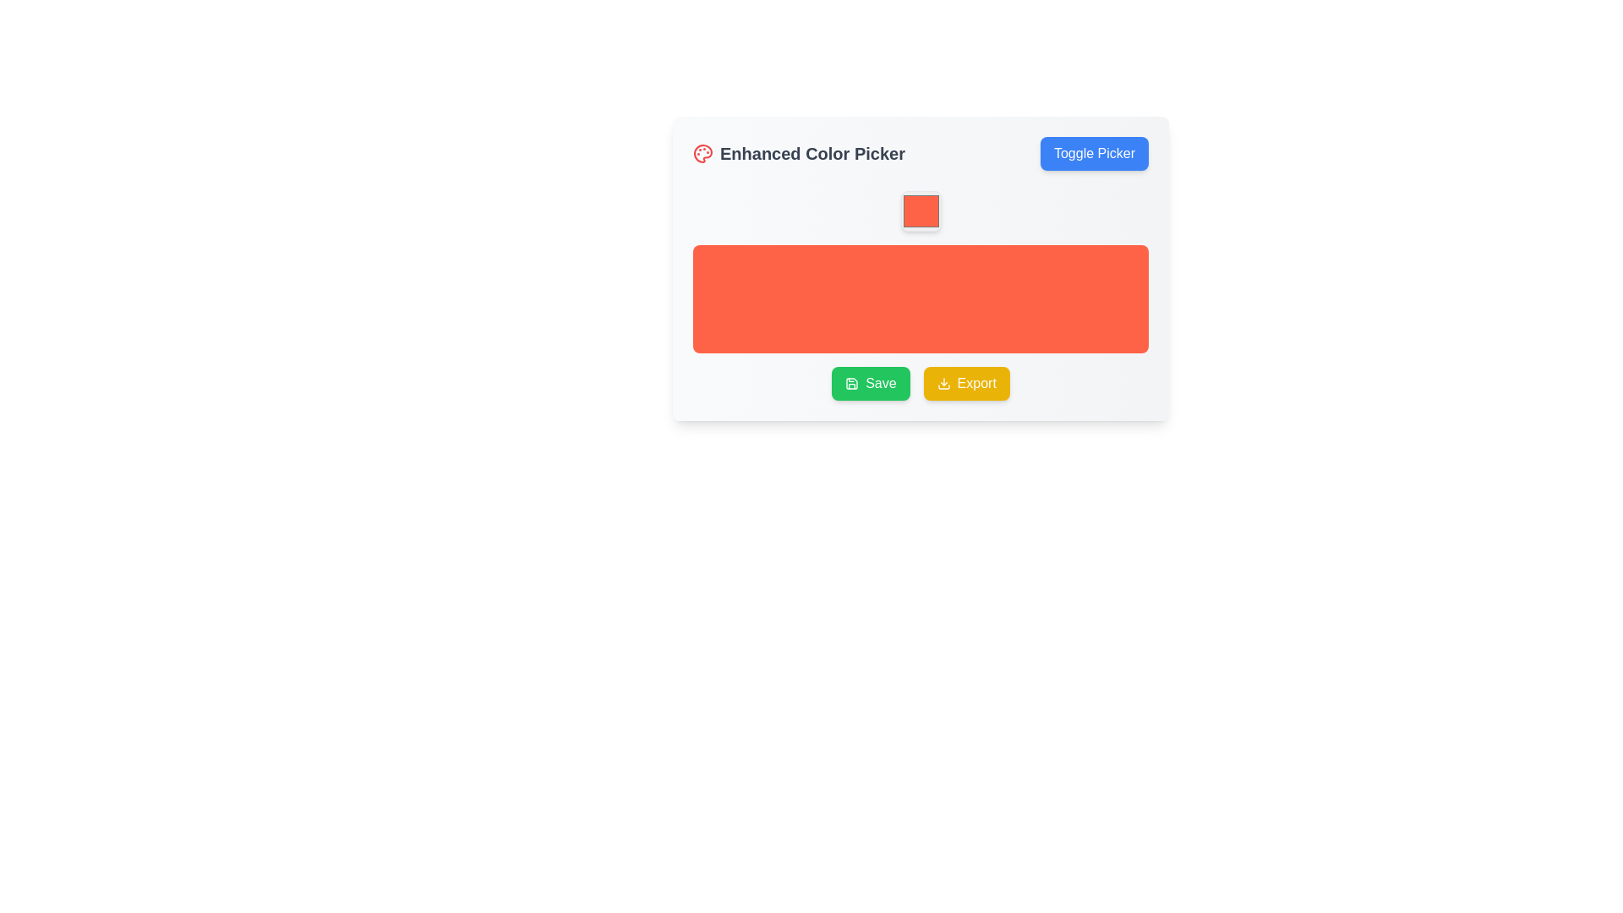  Describe the element at coordinates (920, 210) in the screenshot. I see `the red-orange color tile with a rounded border and shadow effect` at that location.